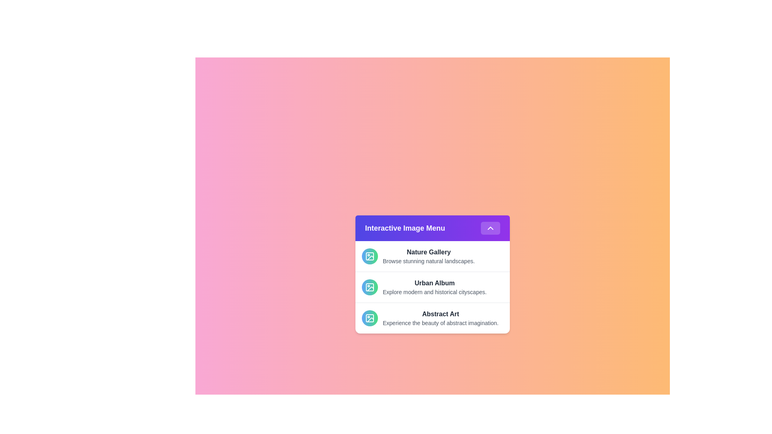 This screenshot has height=434, width=772. I want to click on the menu item labeled Nature Gallery, so click(432, 256).